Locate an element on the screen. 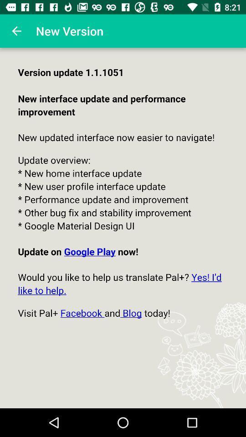 The image size is (246, 437). screen page is located at coordinates (123, 228).